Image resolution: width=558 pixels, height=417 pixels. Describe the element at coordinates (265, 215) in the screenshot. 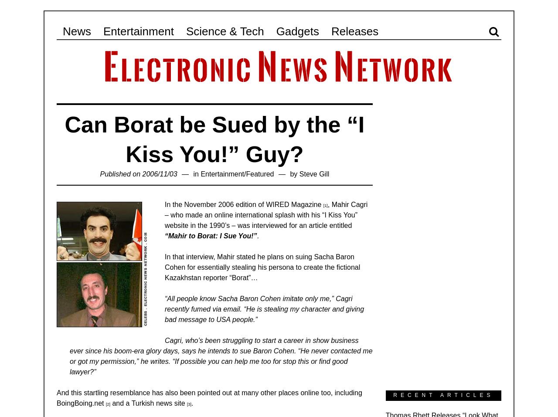

I see `', Mahir Cagri – who made an online international splash with his “I Kiss You” website in the 1990’s – was interviewed for an article entitled'` at that location.